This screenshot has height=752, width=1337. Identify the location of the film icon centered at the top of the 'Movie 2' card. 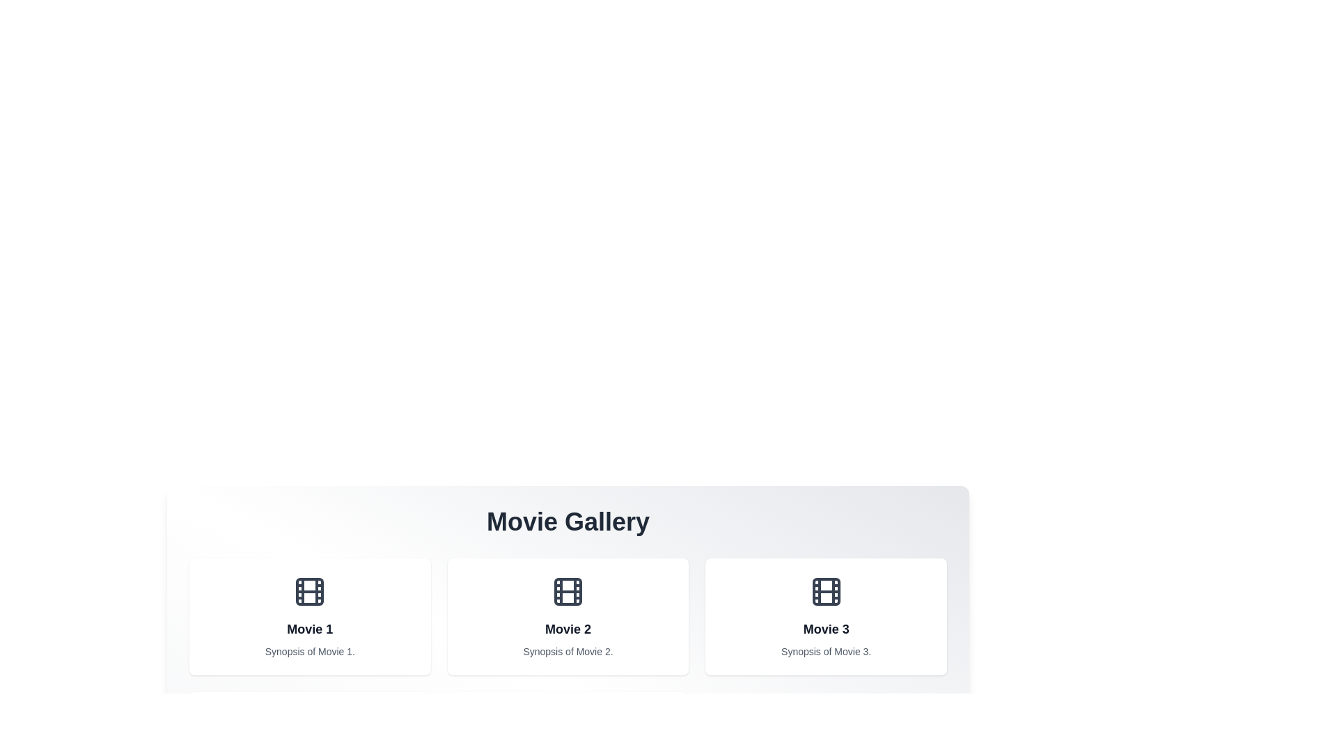
(568, 591).